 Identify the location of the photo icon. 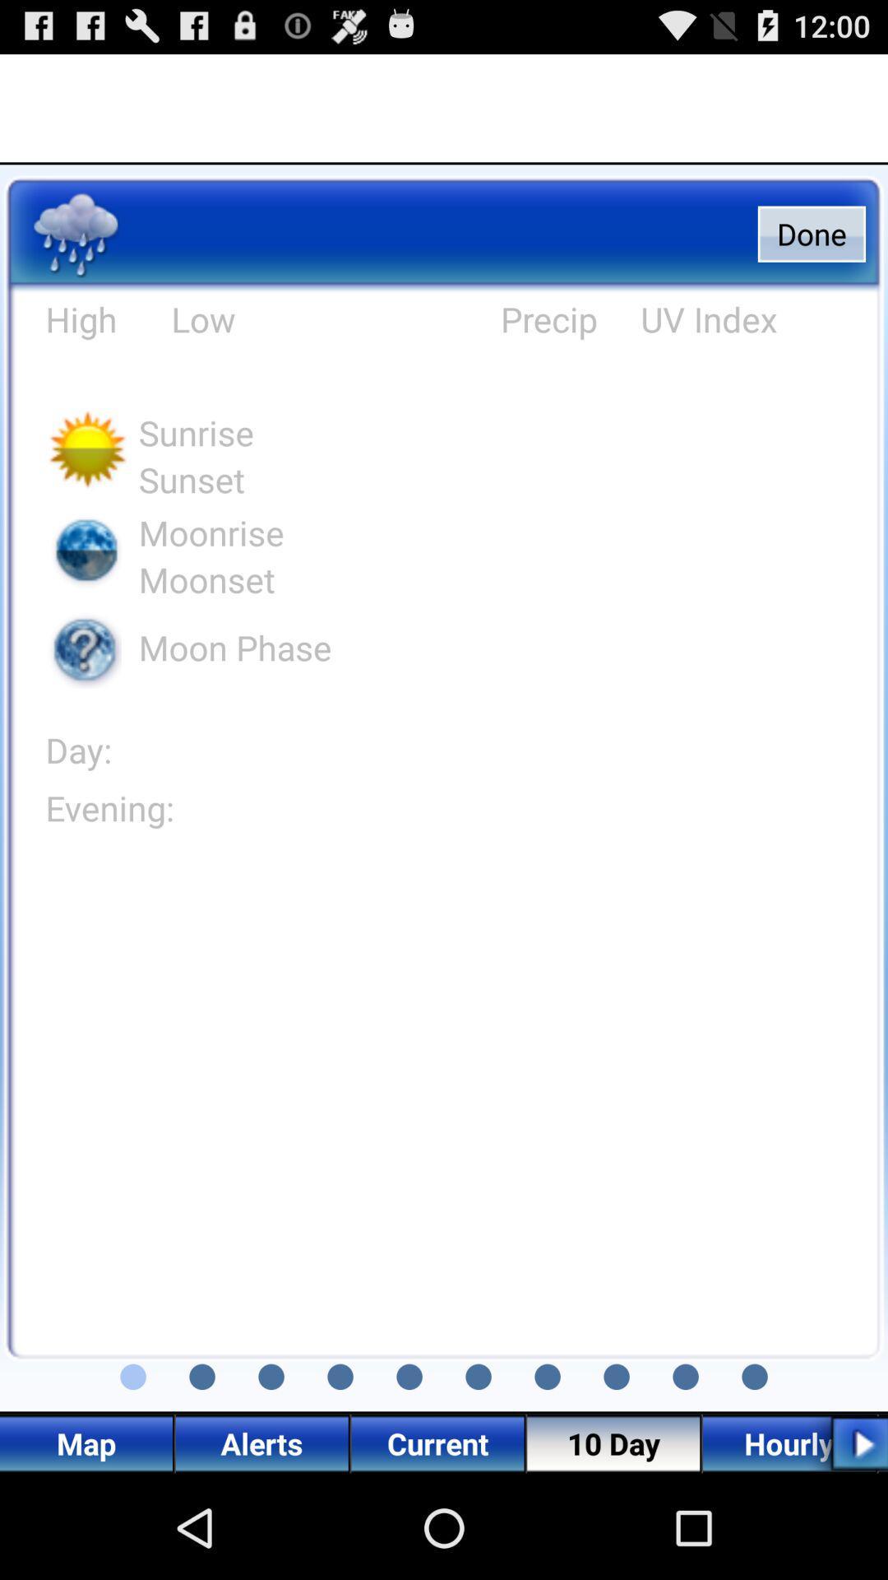
(132, 1473).